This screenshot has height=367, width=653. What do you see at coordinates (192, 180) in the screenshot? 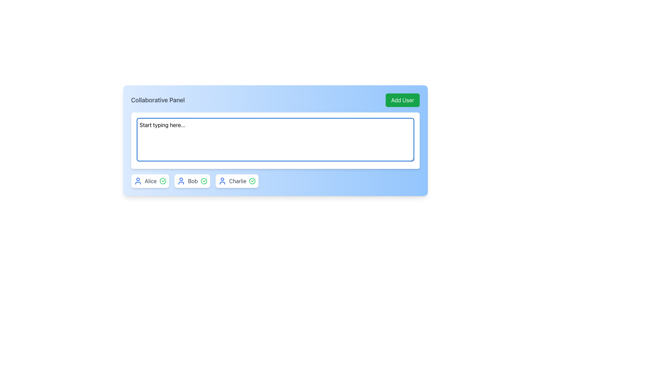
I see `the text label displaying the name 'Bob', which is the third user entry in the collaborative panel, positioned between 'Alice' and 'Charlie'` at bounding box center [192, 180].